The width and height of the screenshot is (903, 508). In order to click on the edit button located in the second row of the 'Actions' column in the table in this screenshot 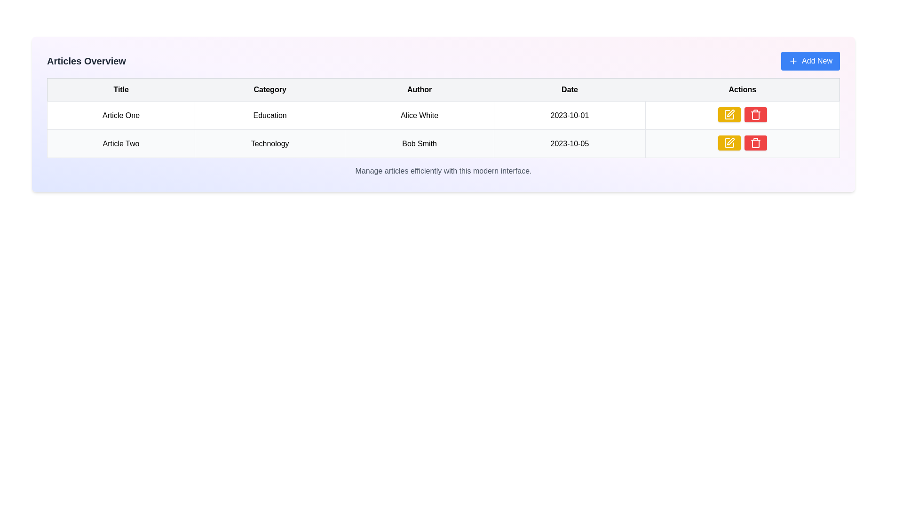, I will do `click(729, 114)`.